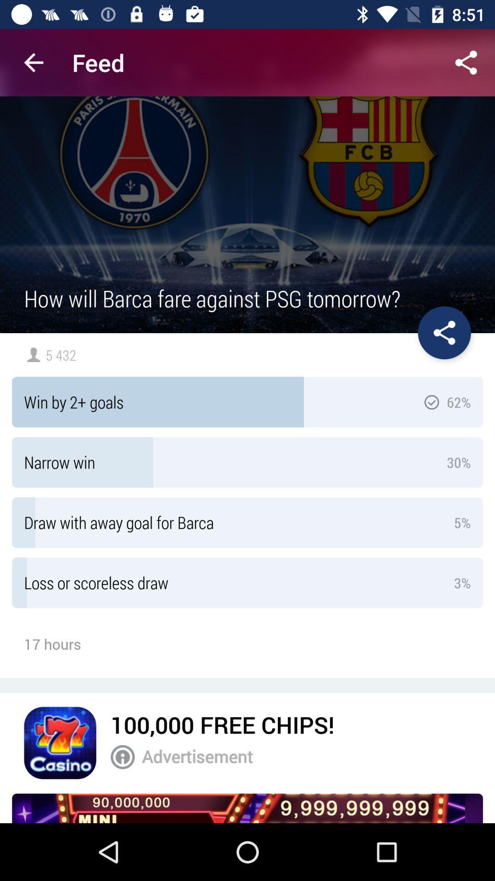 This screenshot has height=881, width=495. I want to click on the icon to the right of feed, so click(466, 62).